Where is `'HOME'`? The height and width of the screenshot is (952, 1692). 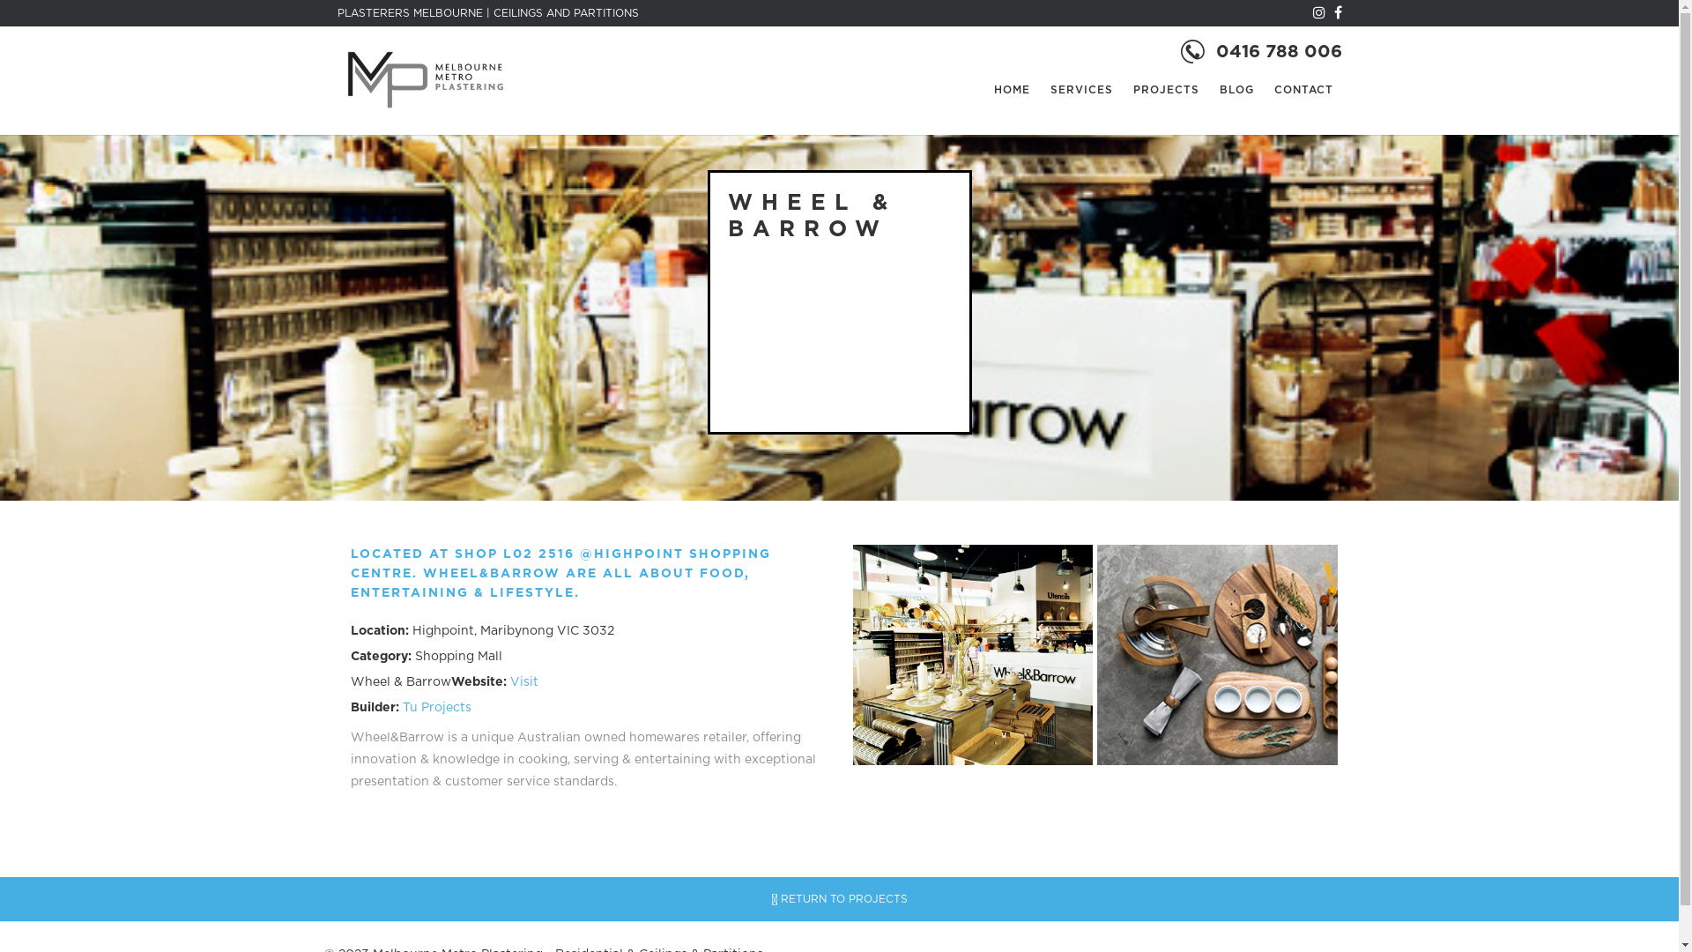
'HOME' is located at coordinates (1012, 89).